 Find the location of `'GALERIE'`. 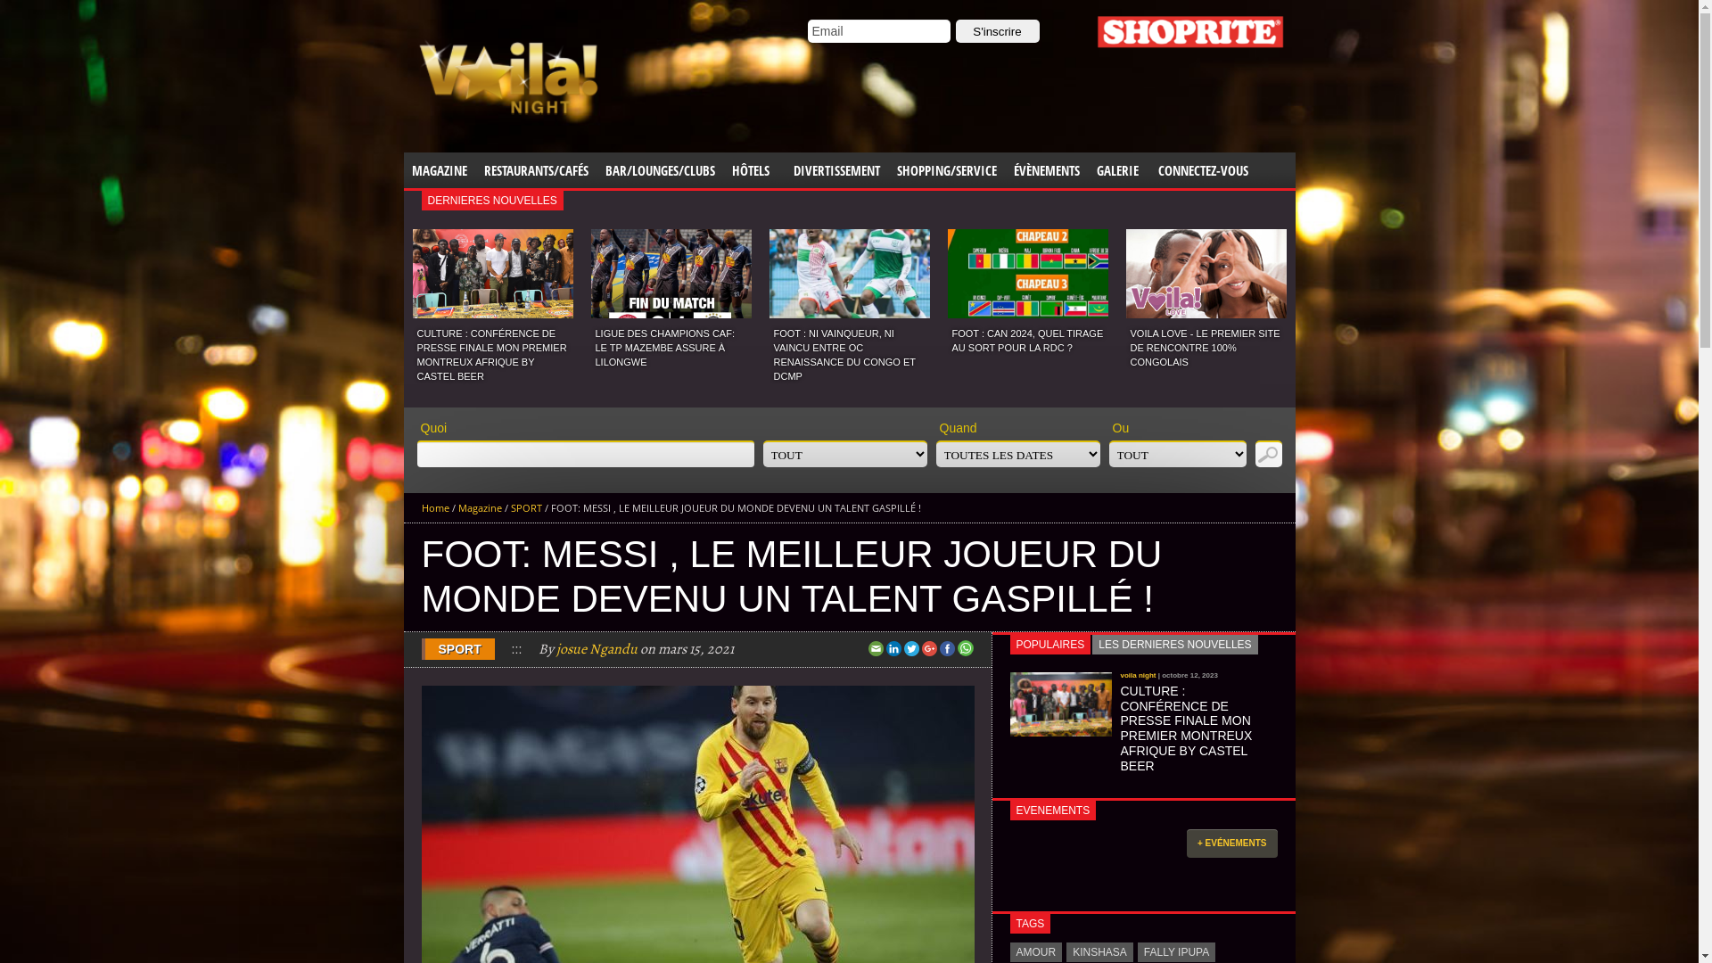

'GALERIE' is located at coordinates (1116, 169).